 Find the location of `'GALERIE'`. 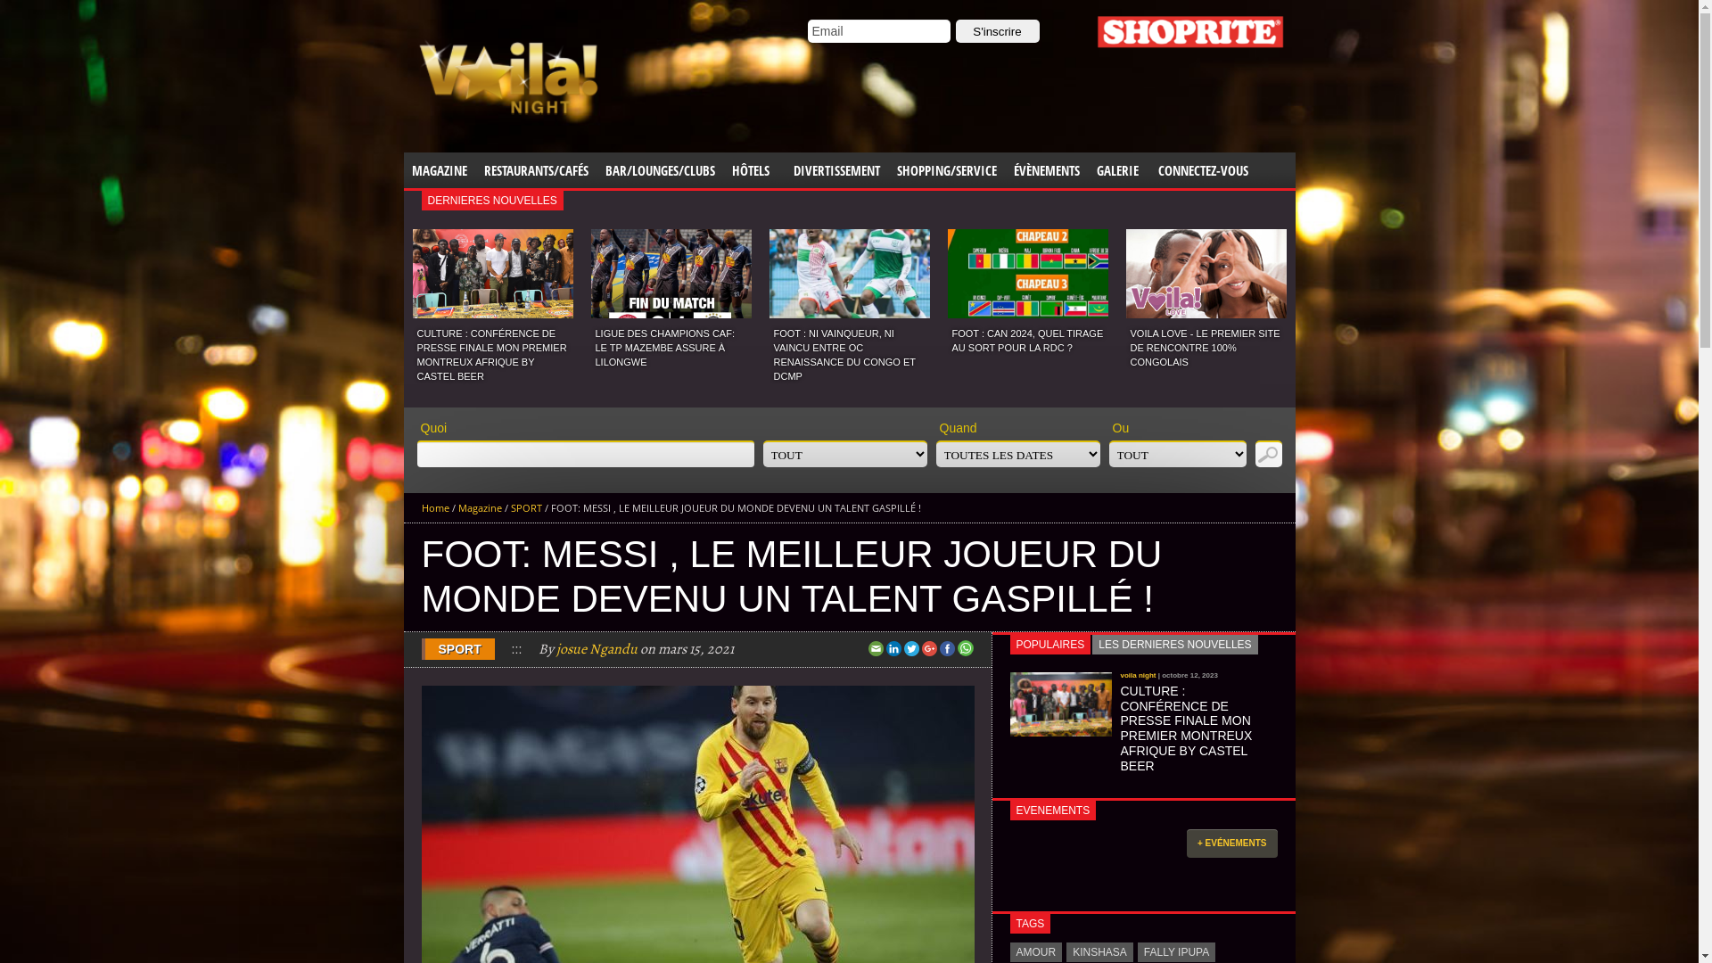

'GALERIE' is located at coordinates (1116, 169).